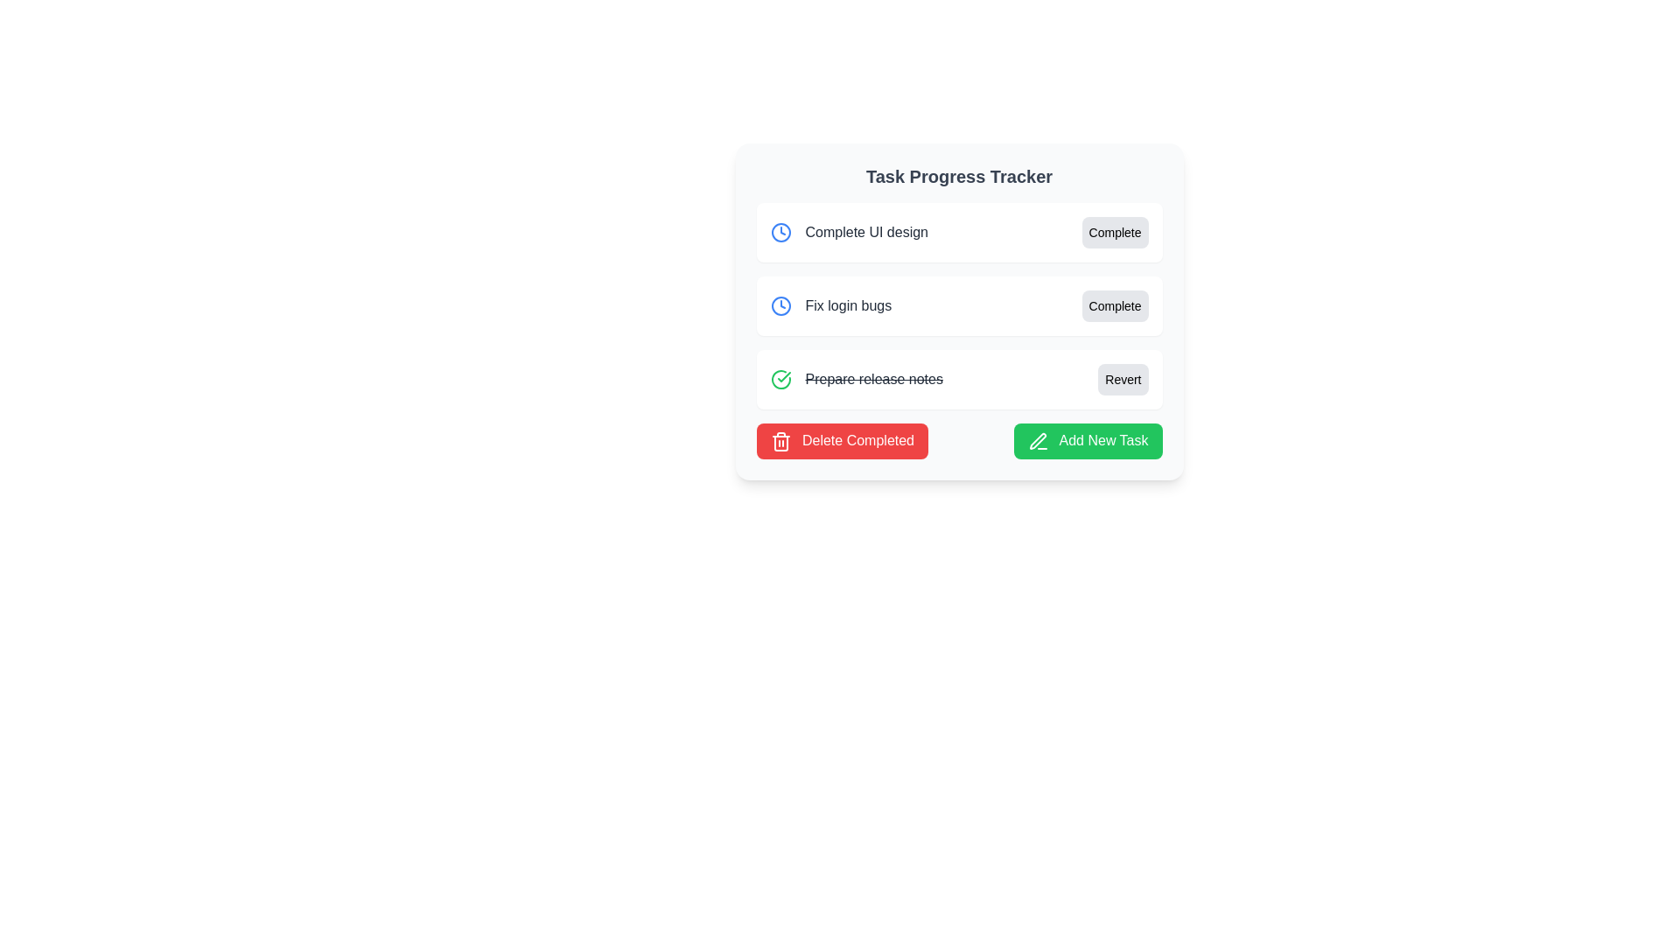 This screenshot has height=945, width=1680. I want to click on the rectangular button with rounded corners that has a light gray background and the text 'Complete', so click(1114, 305).